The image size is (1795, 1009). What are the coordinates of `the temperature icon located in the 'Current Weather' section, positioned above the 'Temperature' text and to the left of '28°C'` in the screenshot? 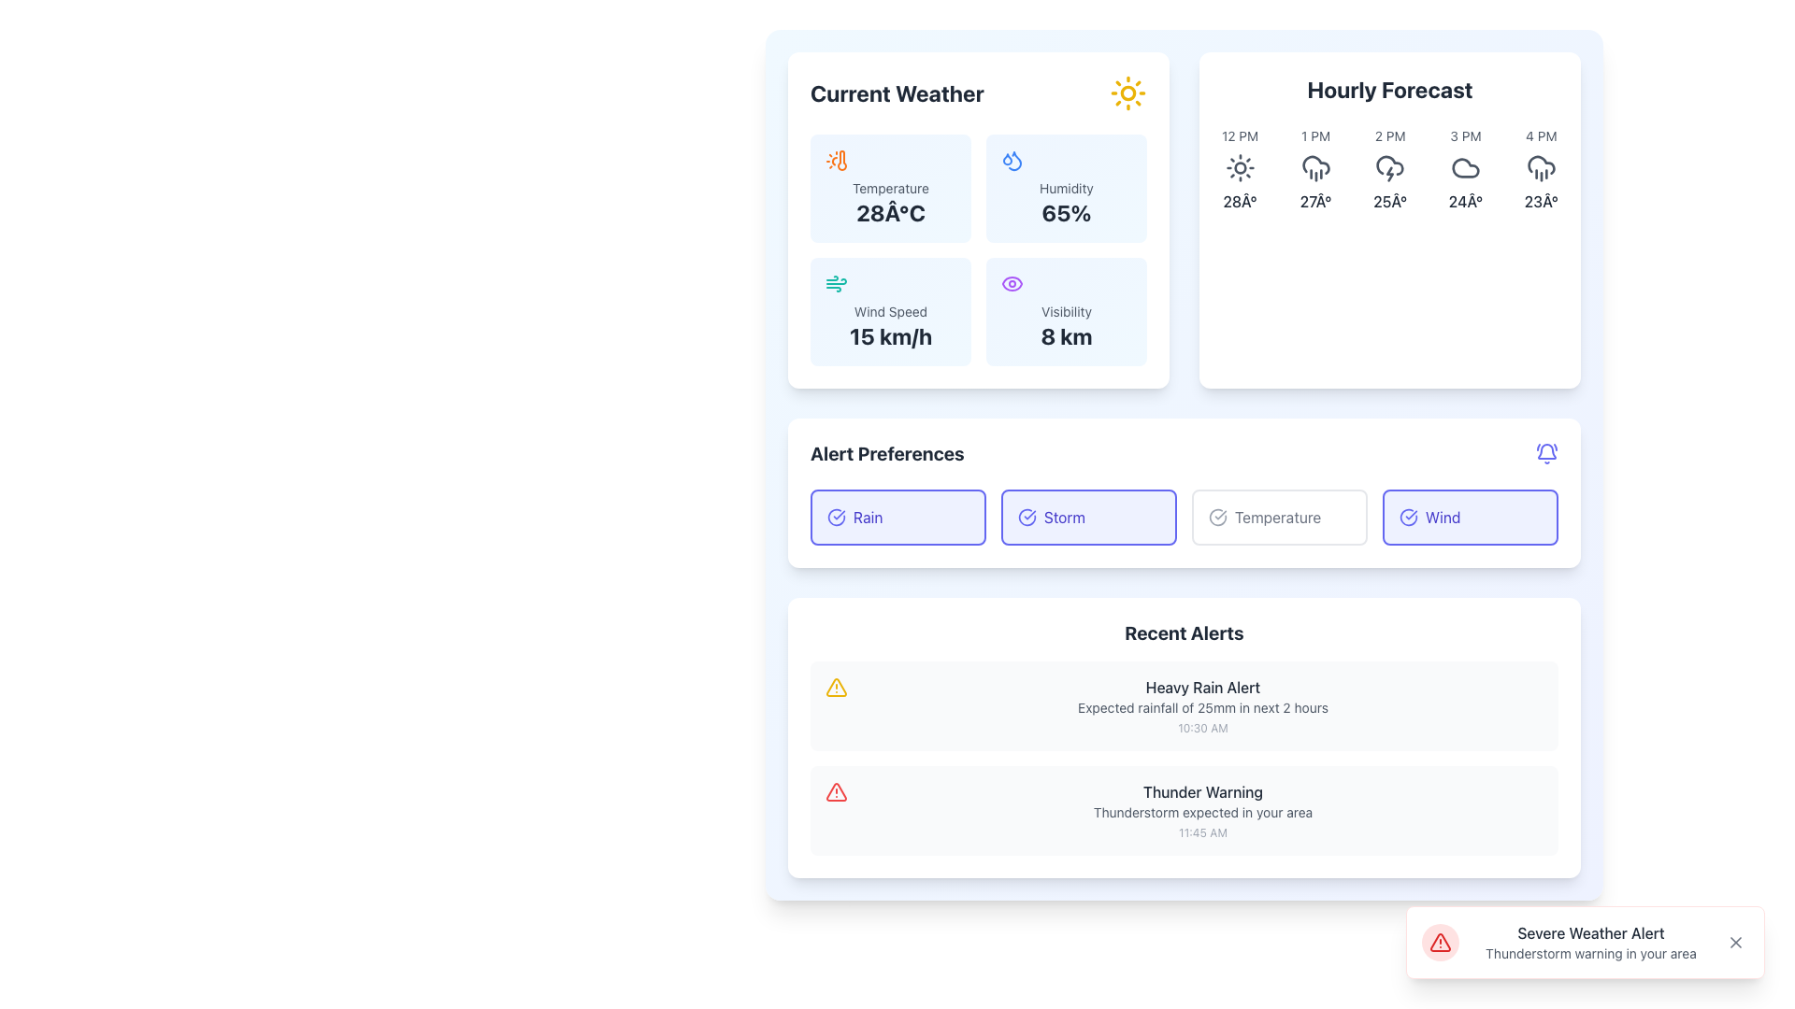 It's located at (835, 160).